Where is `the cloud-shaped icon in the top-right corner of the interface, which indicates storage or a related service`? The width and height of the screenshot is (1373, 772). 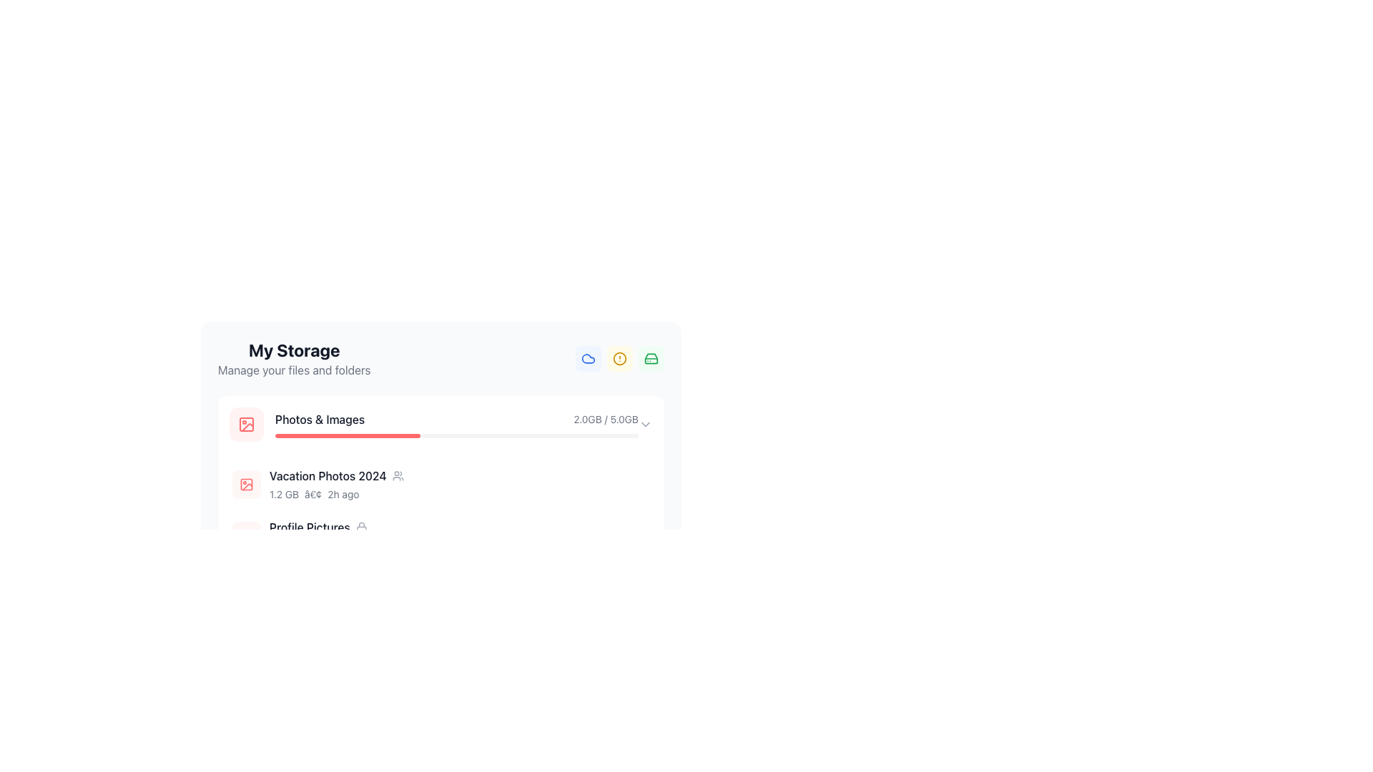 the cloud-shaped icon in the top-right corner of the interface, which indicates storage or a related service is located at coordinates (588, 357).